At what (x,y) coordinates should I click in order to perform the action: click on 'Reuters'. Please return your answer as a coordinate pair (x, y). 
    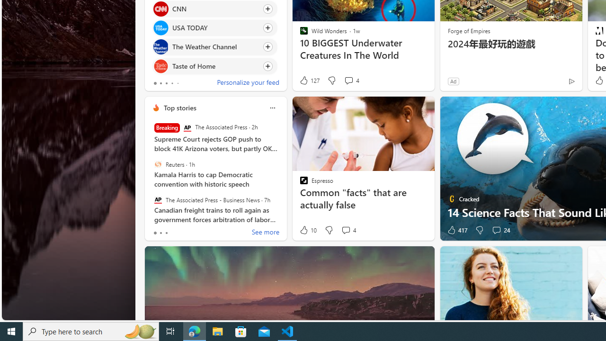
    Looking at the image, I should click on (158, 164).